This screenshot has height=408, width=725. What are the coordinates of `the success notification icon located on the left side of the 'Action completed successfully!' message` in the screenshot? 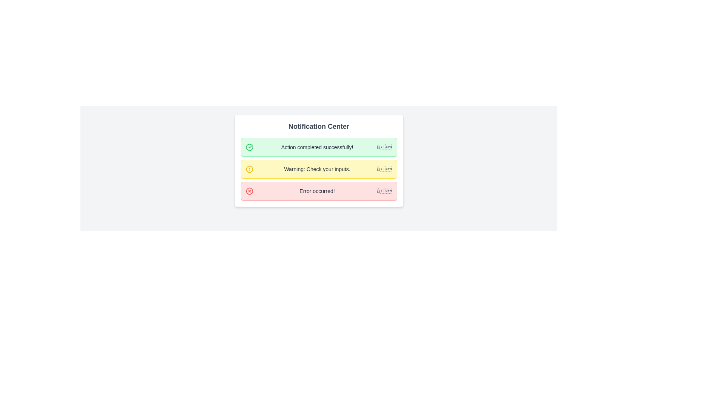 It's located at (249, 147).